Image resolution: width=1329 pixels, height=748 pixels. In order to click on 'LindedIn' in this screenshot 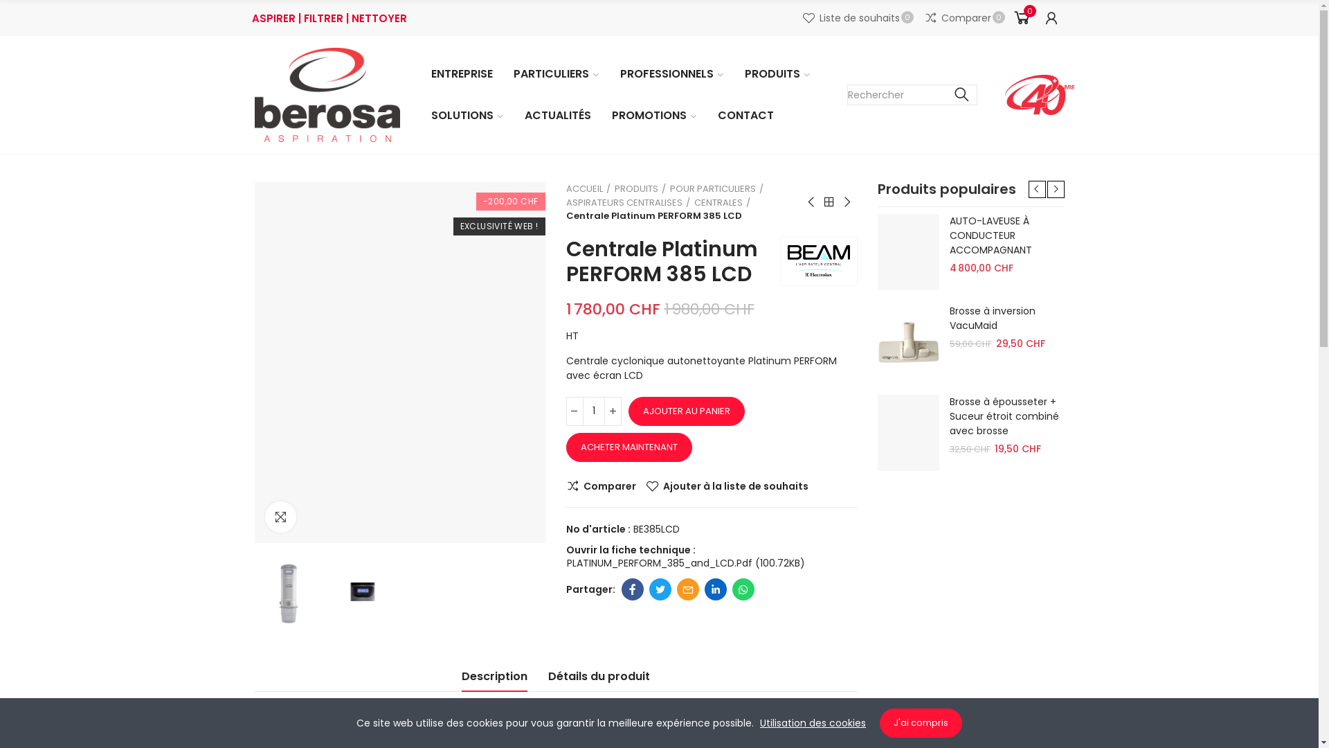, I will do `click(704, 589)`.